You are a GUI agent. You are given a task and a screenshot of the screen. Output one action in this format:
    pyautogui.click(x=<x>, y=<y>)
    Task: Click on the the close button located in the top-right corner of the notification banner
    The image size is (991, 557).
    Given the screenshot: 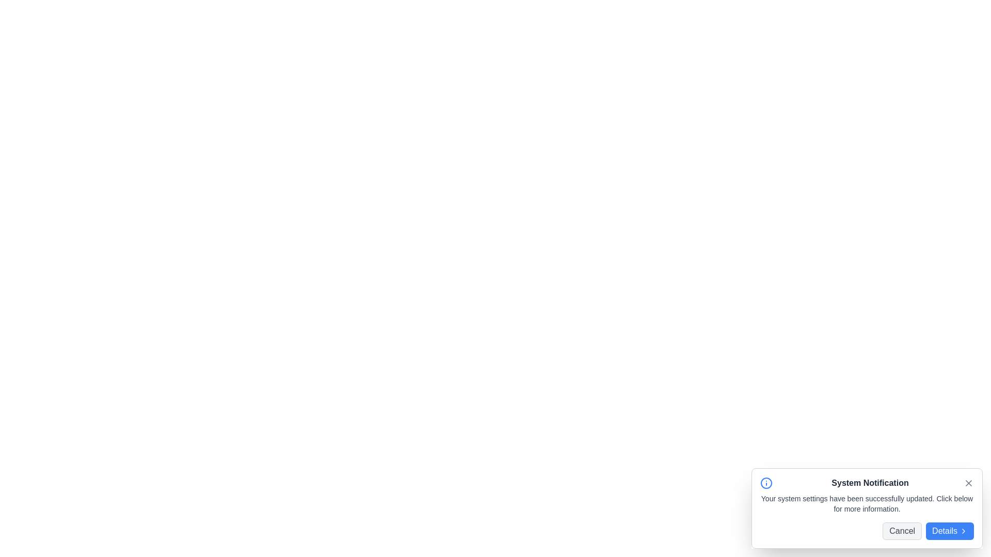 What is the action you would take?
    pyautogui.click(x=968, y=483)
    